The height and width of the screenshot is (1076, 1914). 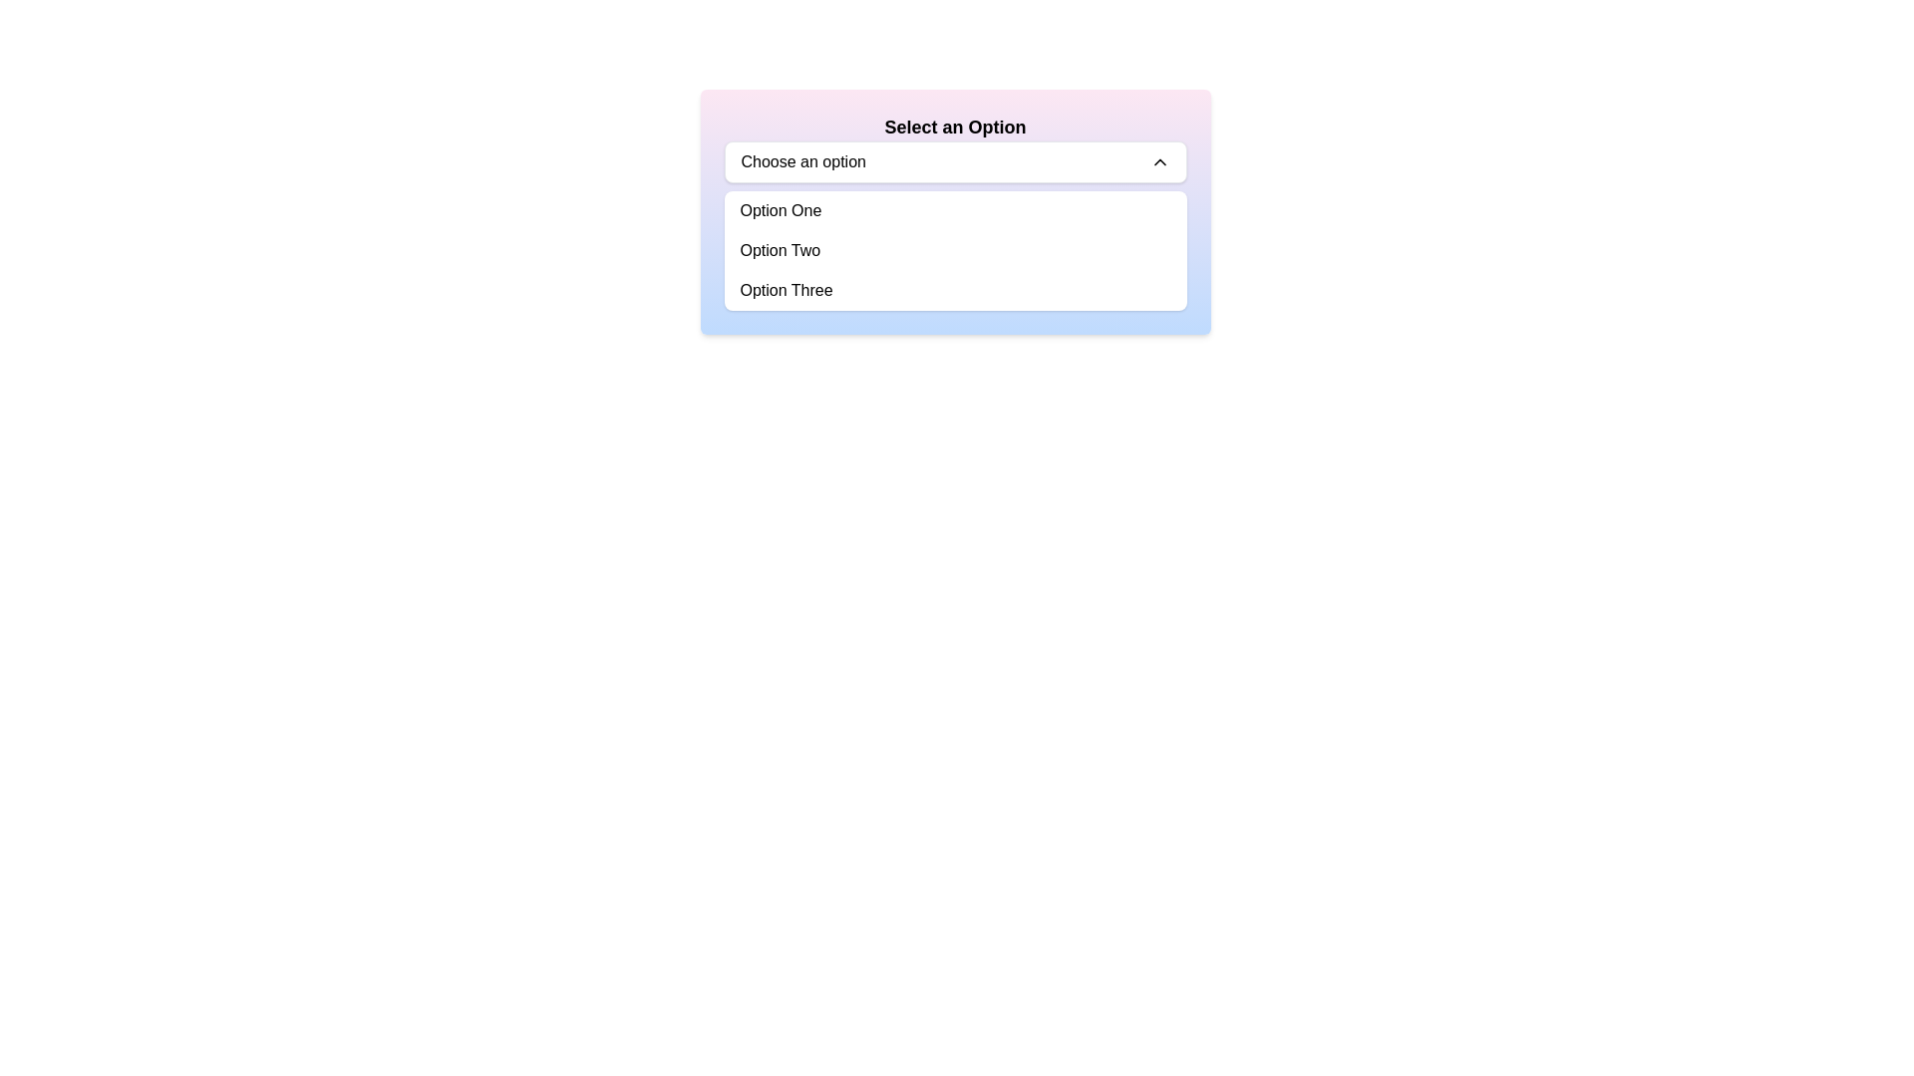 I want to click on the 'Option Two' dropdown menu option, so click(x=954, y=249).